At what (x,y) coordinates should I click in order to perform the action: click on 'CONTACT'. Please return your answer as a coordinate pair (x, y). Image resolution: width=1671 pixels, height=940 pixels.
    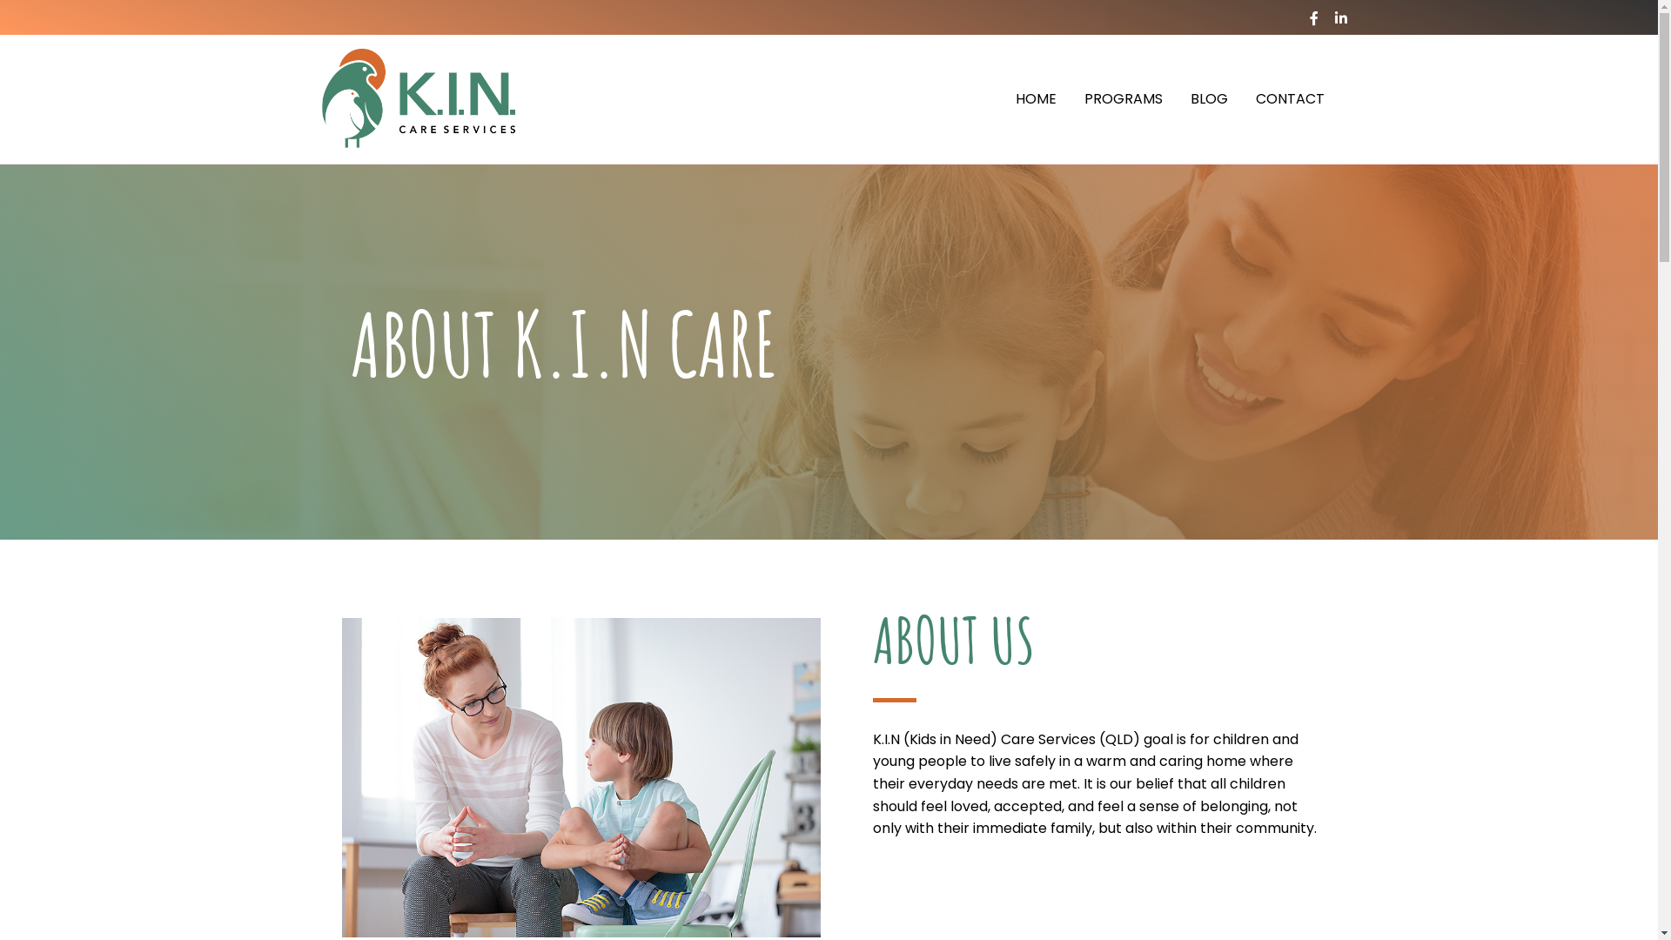
    Looking at the image, I should click on (1289, 99).